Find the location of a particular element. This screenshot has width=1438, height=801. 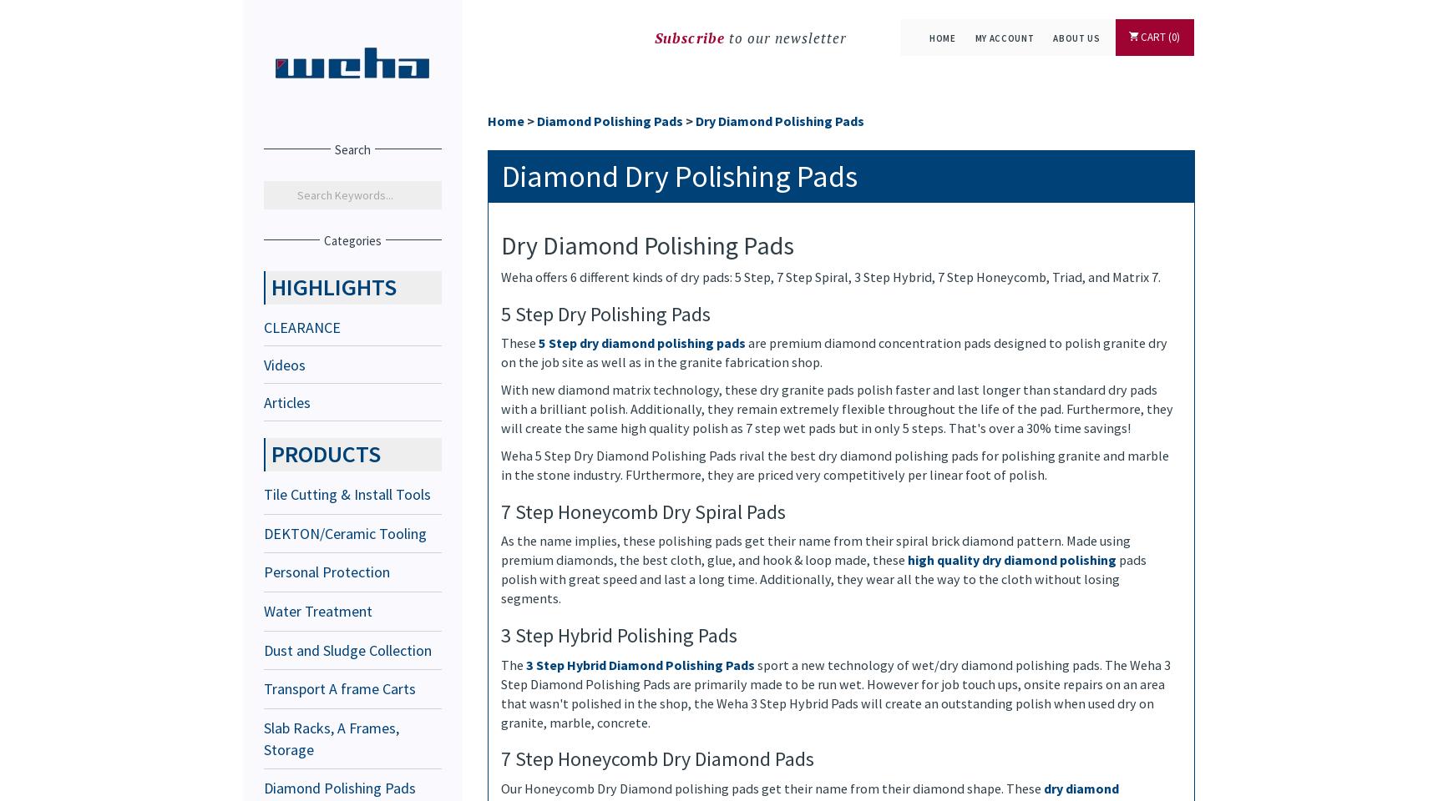

'DEKTON/Ceramic Tooling' is located at coordinates (345, 531).